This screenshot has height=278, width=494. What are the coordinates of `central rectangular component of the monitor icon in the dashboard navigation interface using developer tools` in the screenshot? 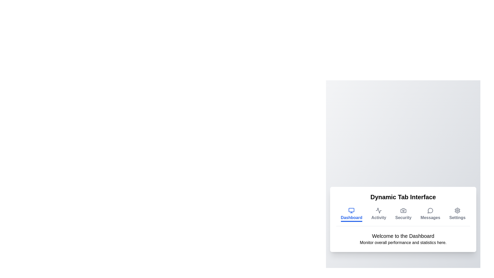 It's located at (351, 210).